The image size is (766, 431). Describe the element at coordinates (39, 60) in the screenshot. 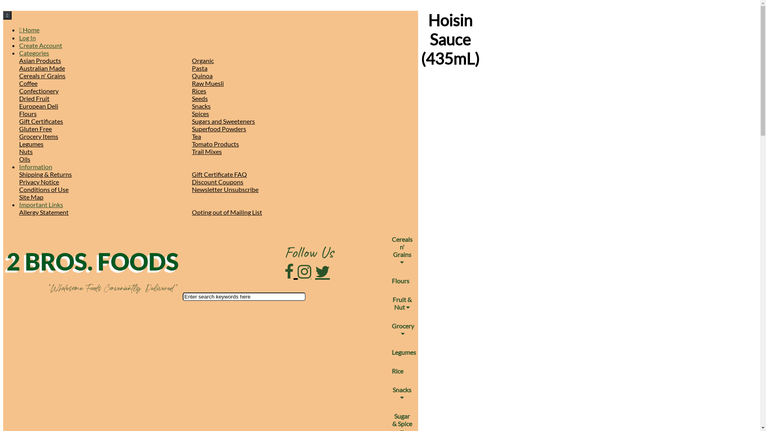

I see `'Asian Products'` at that location.